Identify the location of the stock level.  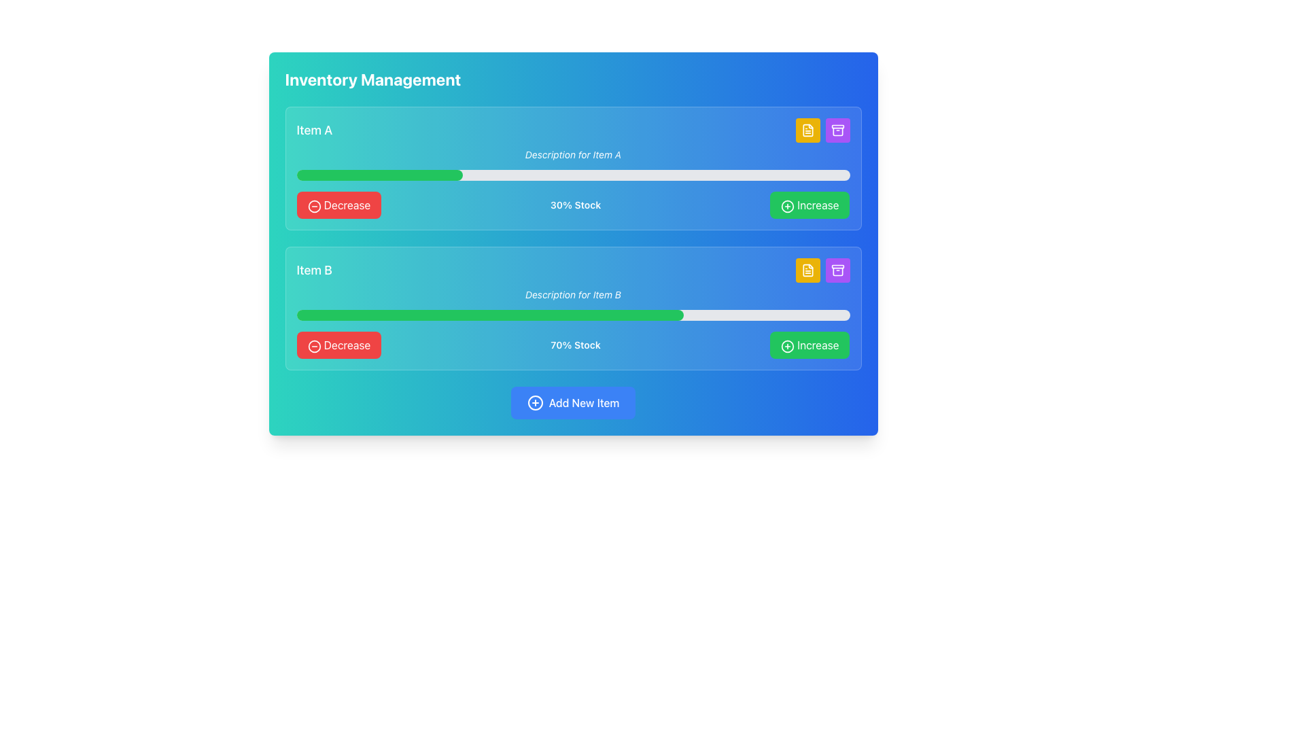
(805, 175).